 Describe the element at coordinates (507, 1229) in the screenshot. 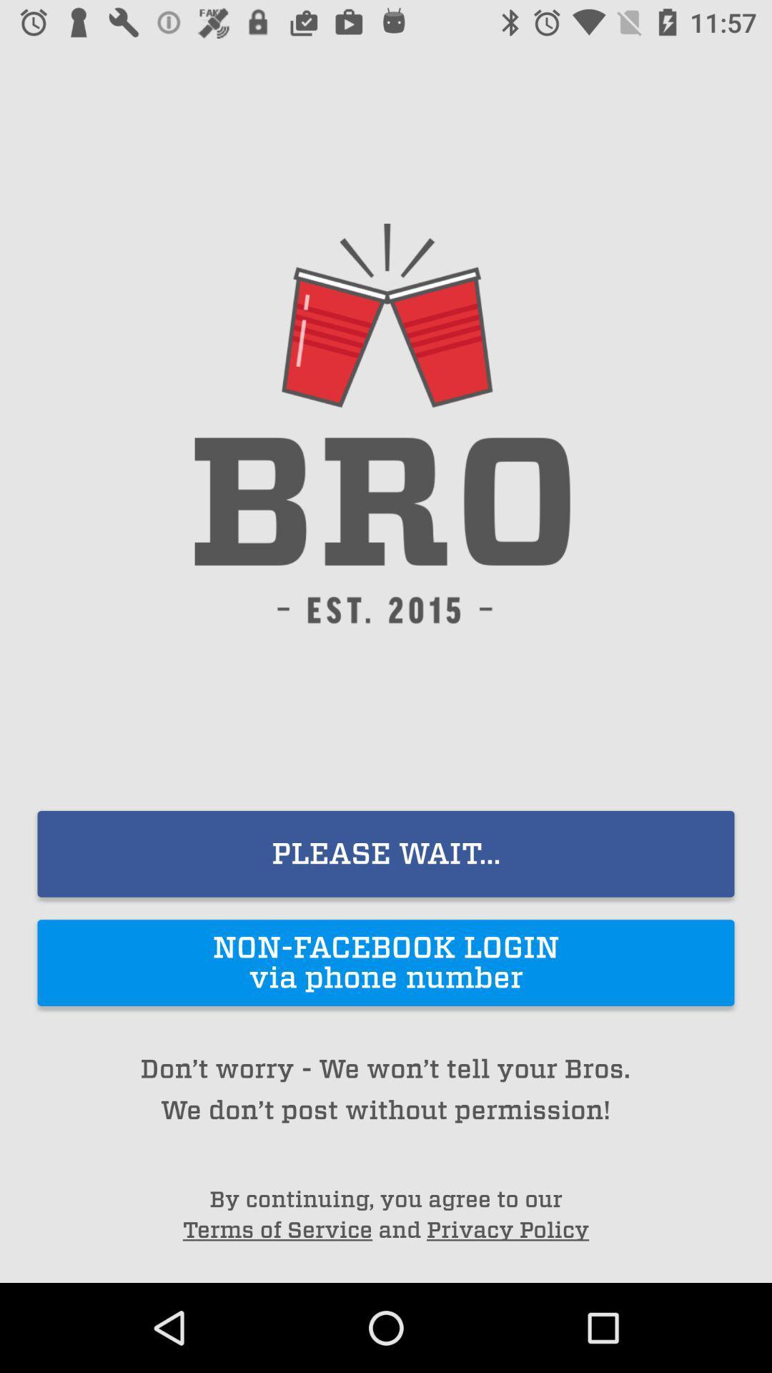

I see `icon below by continuing you` at that location.